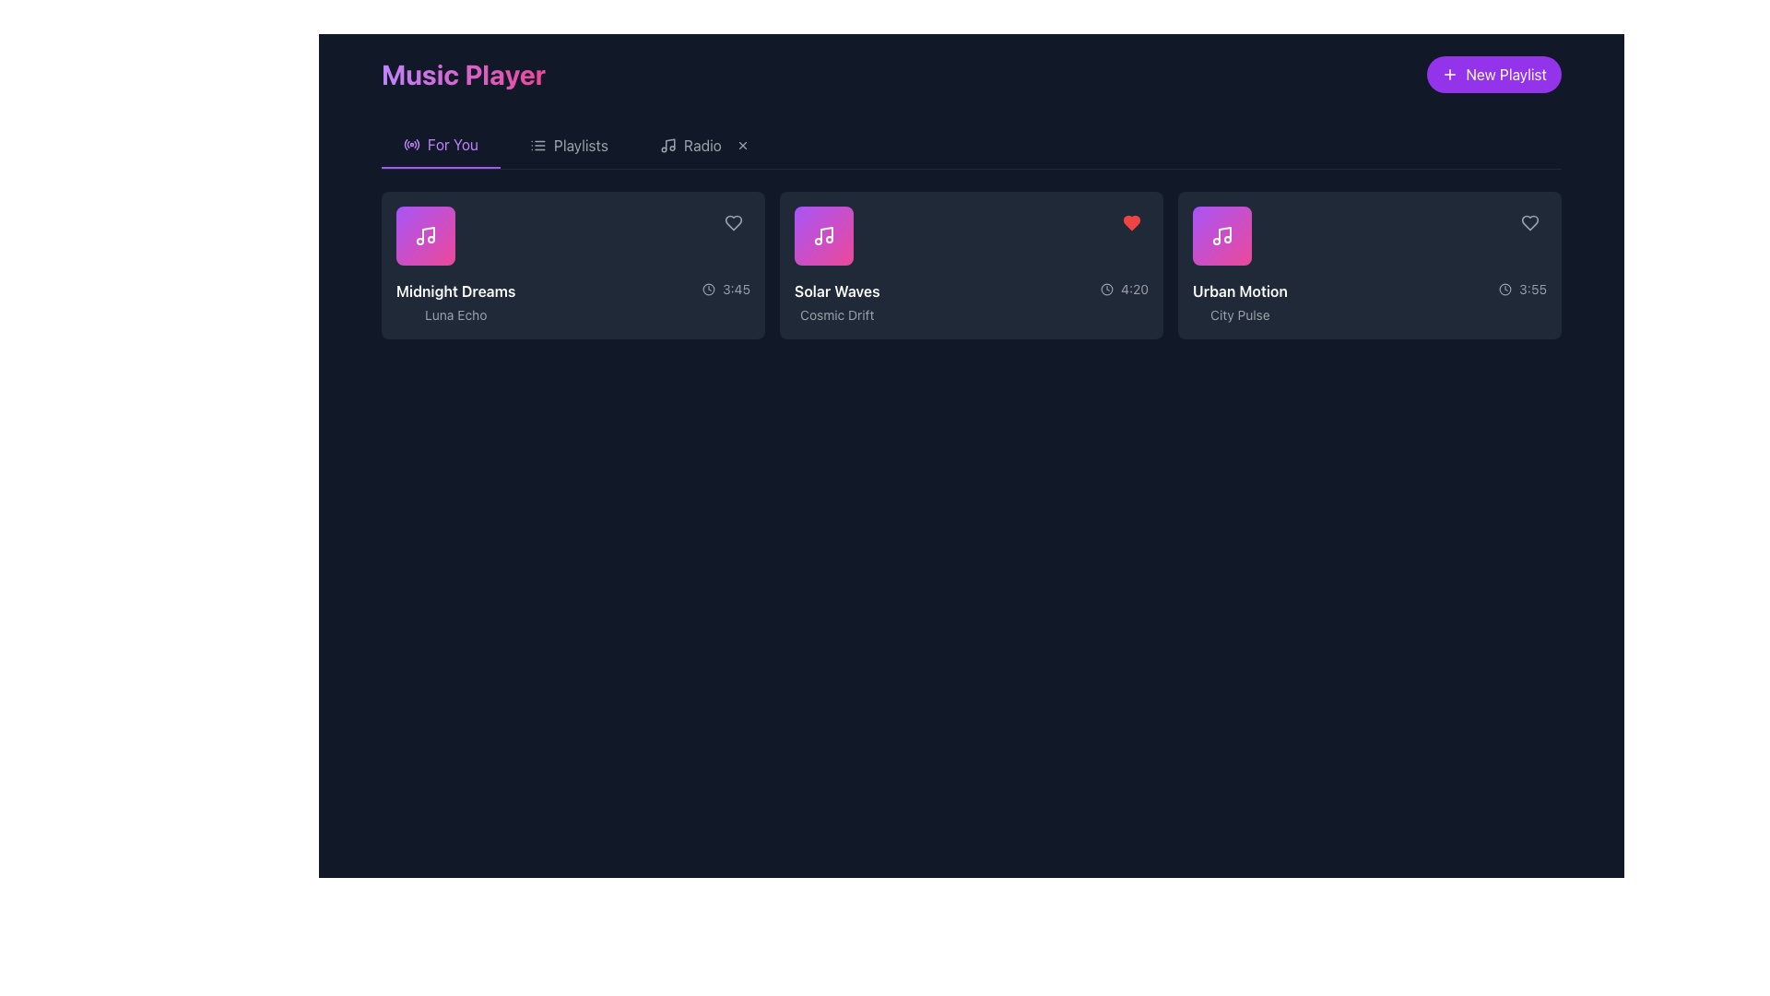 The image size is (1770, 996). What do you see at coordinates (455, 290) in the screenshot?
I see `the Static Text Label that displays the title of the music track or playlist, located in the first music card in the top-left corner of the music player interface` at bounding box center [455, 290].